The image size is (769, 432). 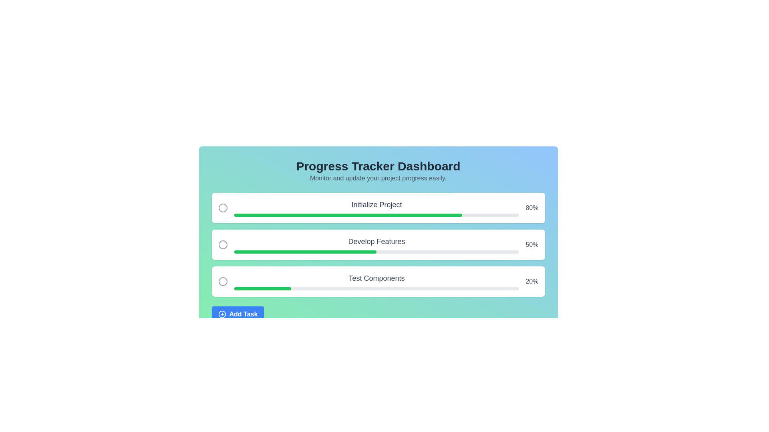 What do you see at coordinates (376, 251) in the screenshot?
I see `the second progress bar indicating 'Develop Features' which shows 50% completion, located in the Progress Tracker Dashboard` at bounding box center [376, 251].